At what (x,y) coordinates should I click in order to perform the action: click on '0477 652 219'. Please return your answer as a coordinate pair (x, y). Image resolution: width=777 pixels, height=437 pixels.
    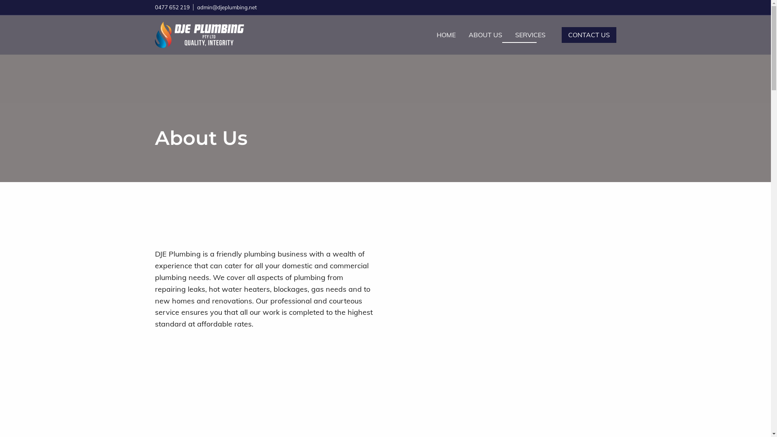
    Looking at the image, I should click on (172, 7).